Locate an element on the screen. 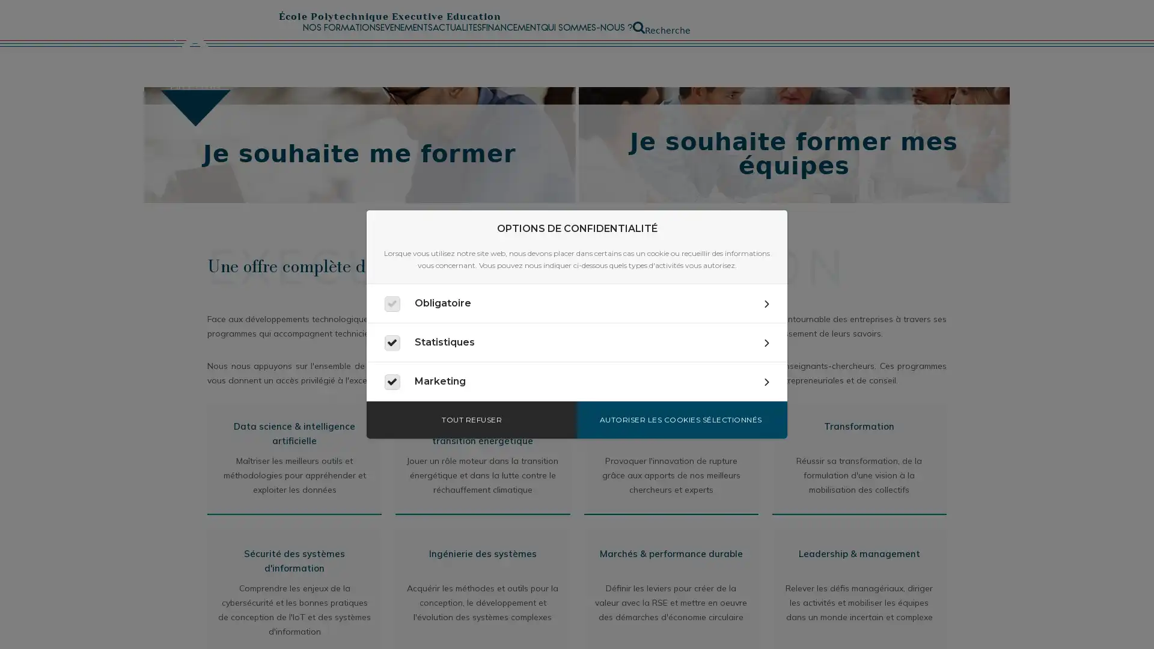 The height and width of the screenshot is (649, 1154). Appliquer is located at coordinates (710, 199).